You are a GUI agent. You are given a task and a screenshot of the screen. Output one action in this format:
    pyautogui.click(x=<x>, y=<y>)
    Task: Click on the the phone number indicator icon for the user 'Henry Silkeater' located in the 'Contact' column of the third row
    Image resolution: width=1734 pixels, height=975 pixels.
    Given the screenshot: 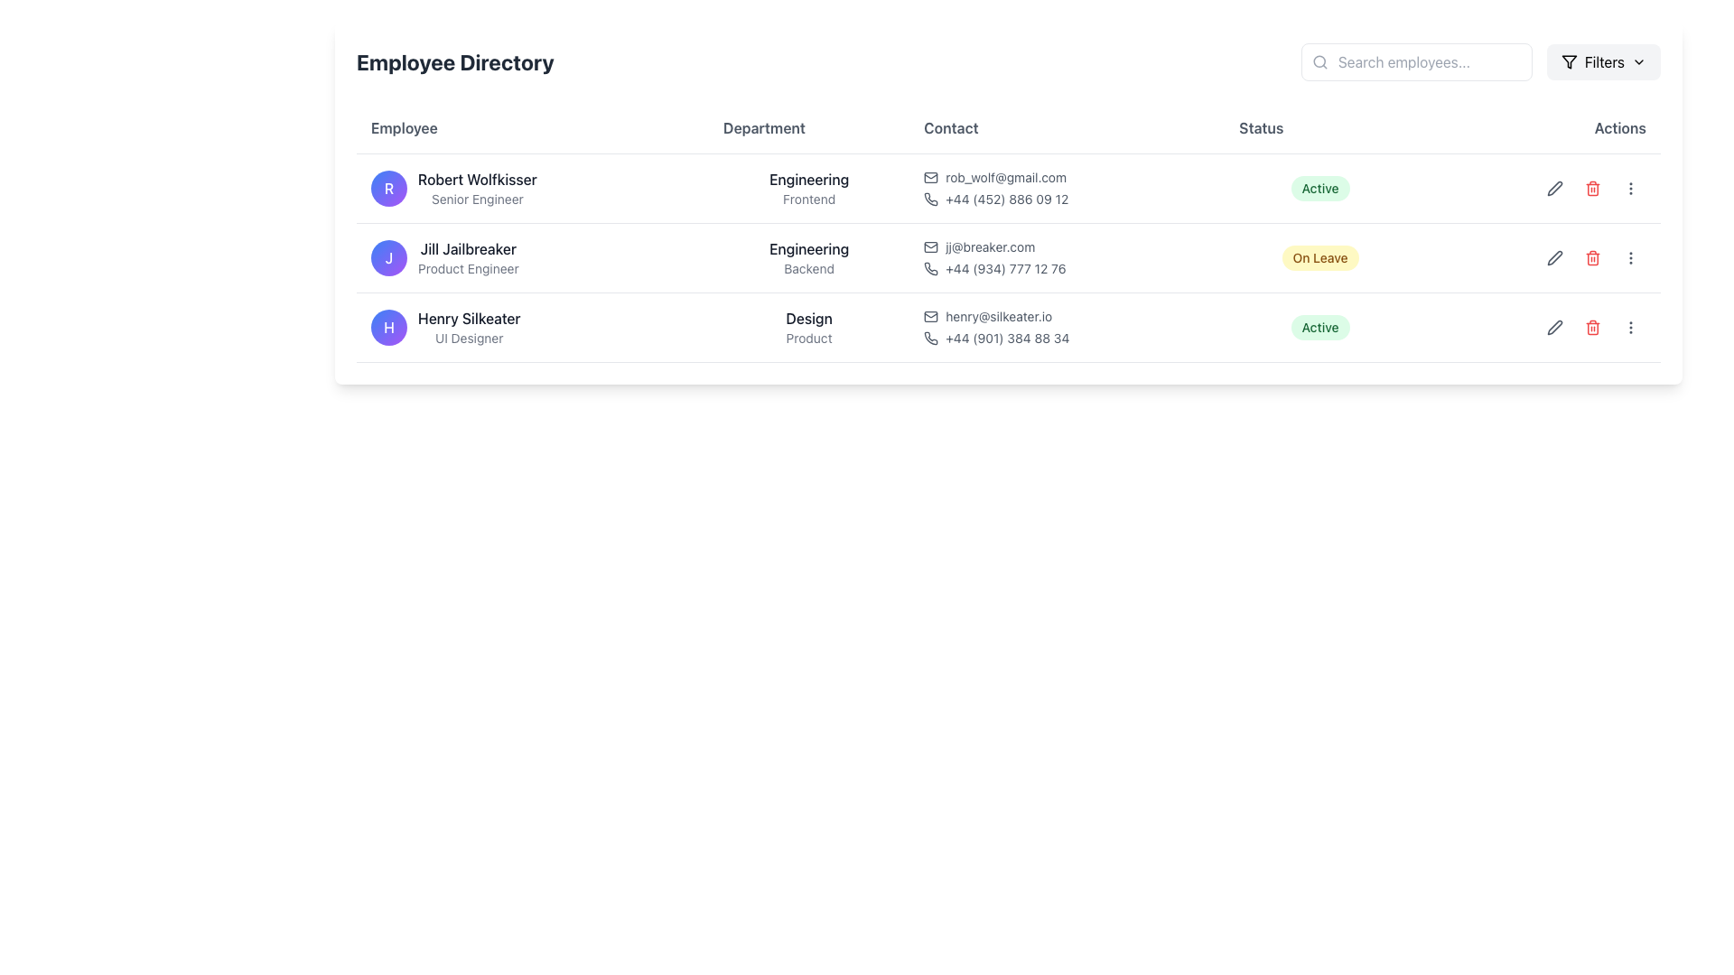 What is the action you would take?
    pyautogui.click(x=931, y=338)
    